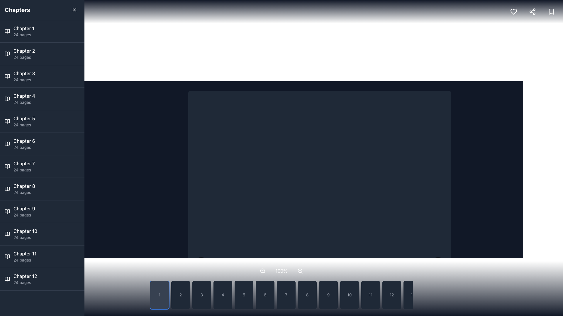 This screenshot has width=563, height=316. I want to click on the 'Chapter 6' text label in the left sidebar menu, so click(24, 141).